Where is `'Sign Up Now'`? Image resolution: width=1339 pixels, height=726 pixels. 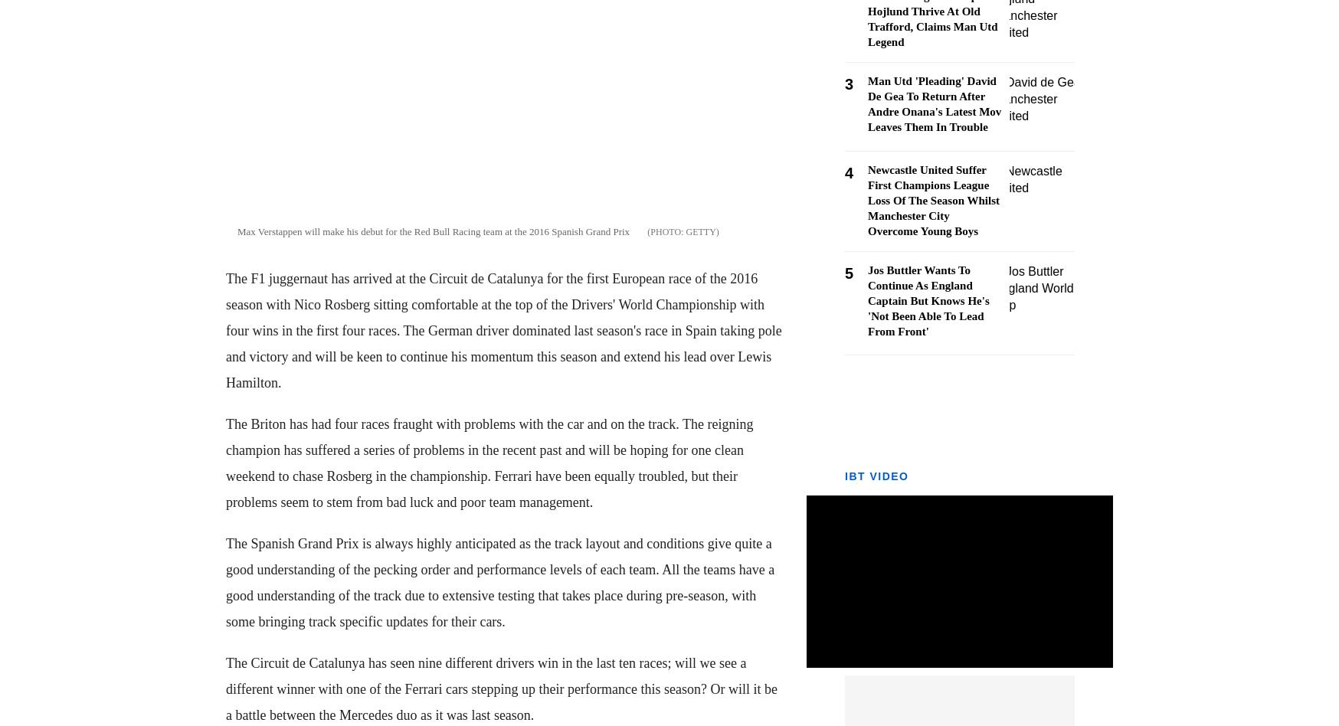
'Sign Up Now' is located at coordinates (995, 423).